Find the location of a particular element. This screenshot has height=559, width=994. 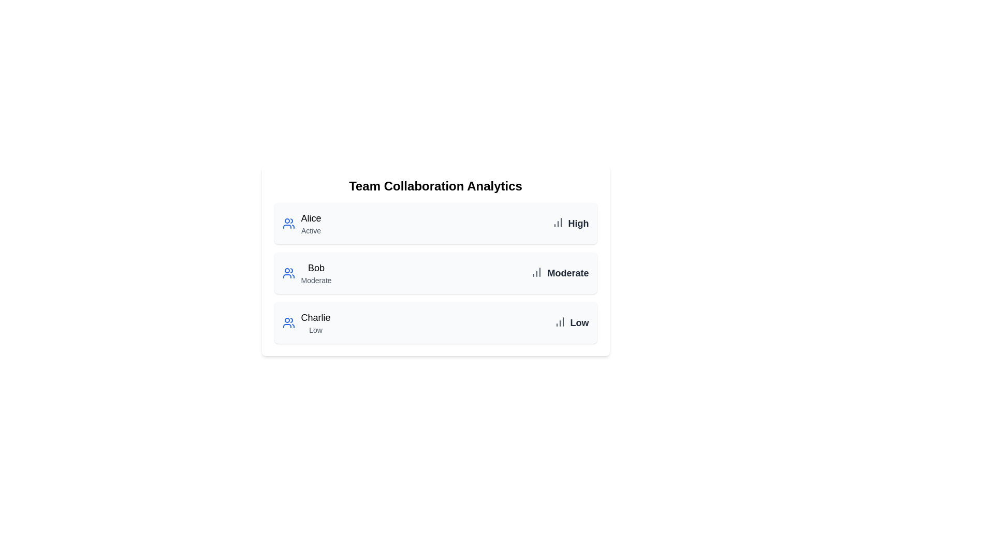

the task count text for Alice is located at coordinates (569, 223).